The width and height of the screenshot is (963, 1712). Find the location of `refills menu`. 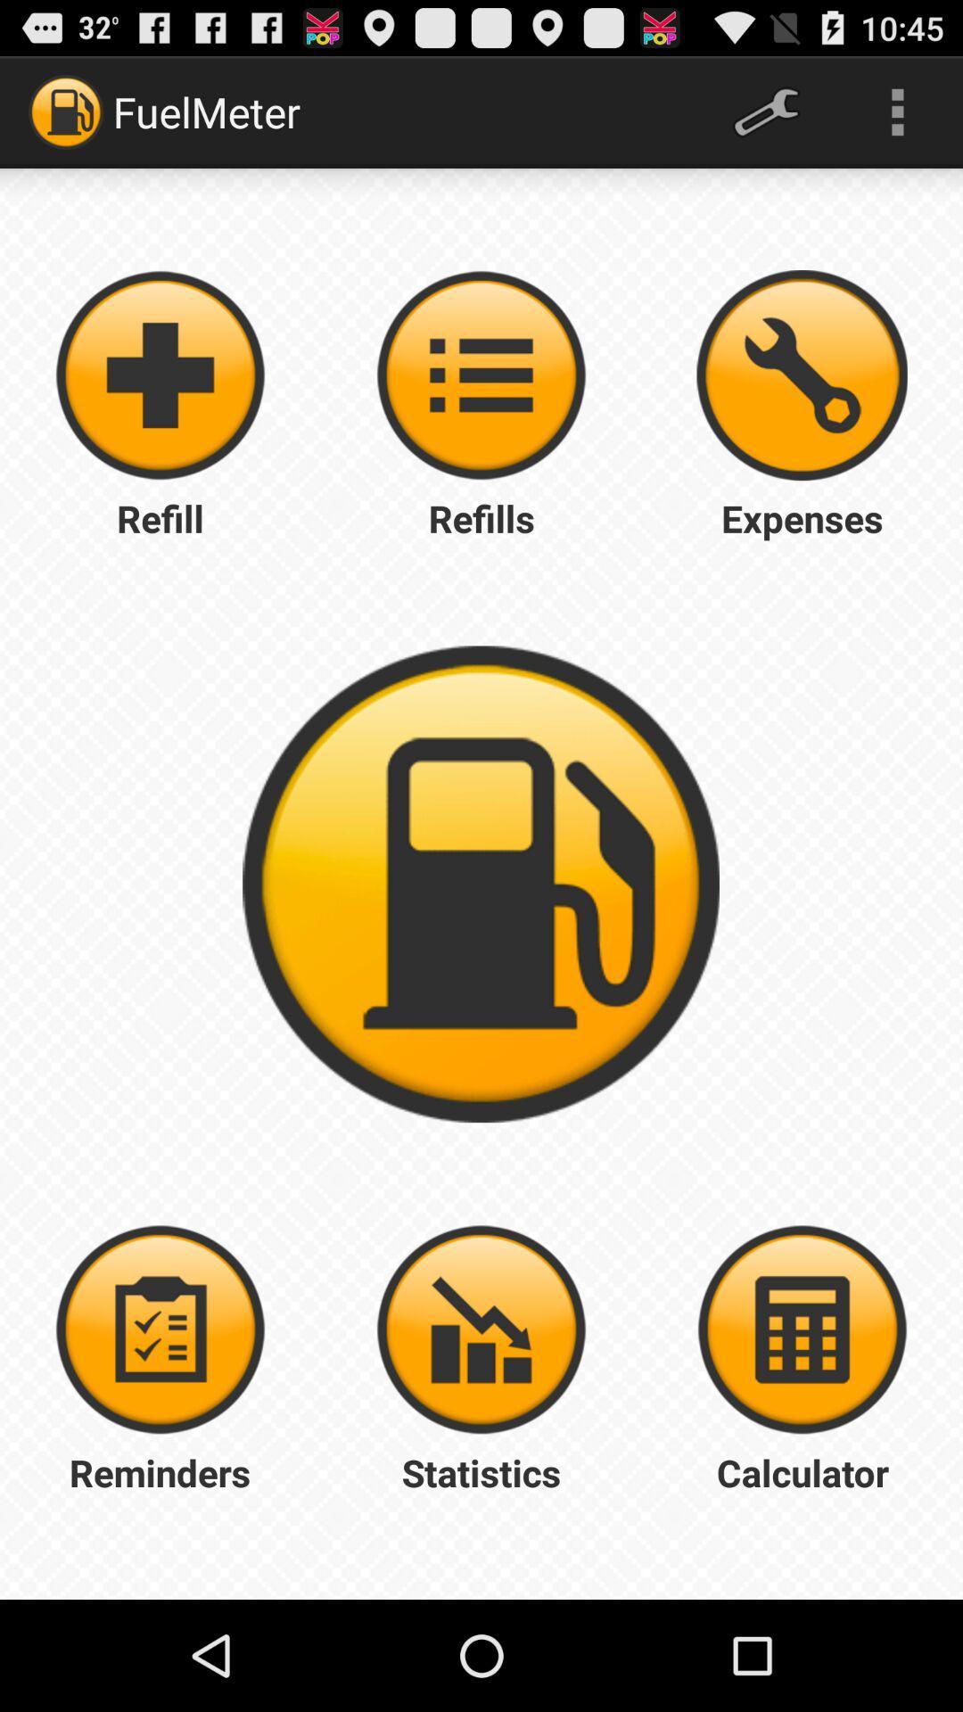

refills menu is located at coordinates (481, 374).